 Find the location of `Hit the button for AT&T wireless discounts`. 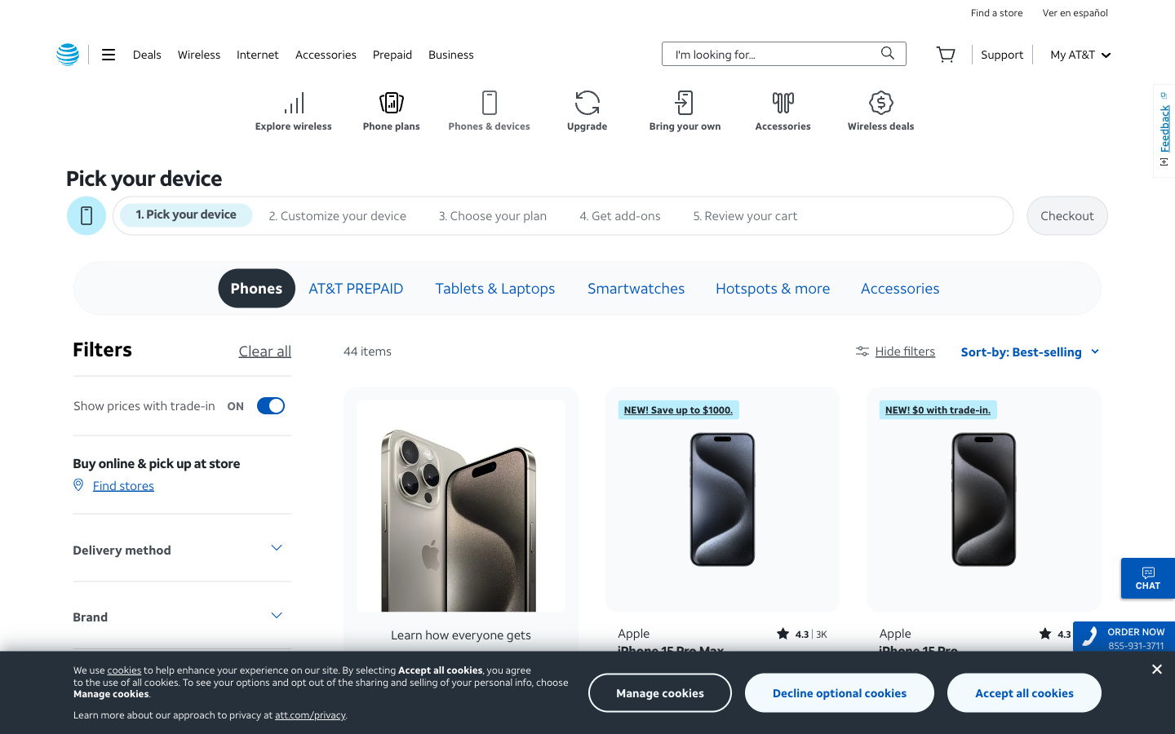

Hit the button for AT&T wireless discounts is located at coordinates (881, 111).